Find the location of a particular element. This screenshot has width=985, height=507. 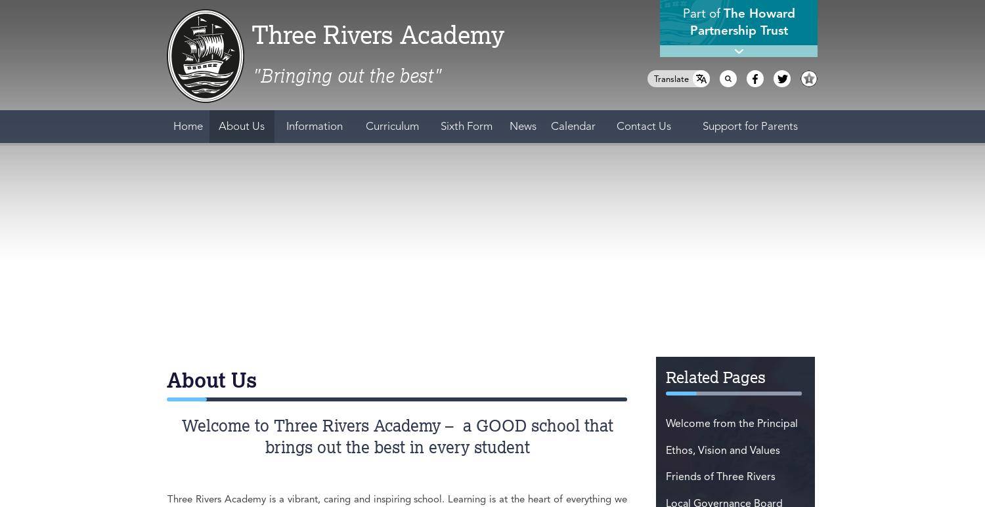

'Nov' is located at coordinates (418, 274).